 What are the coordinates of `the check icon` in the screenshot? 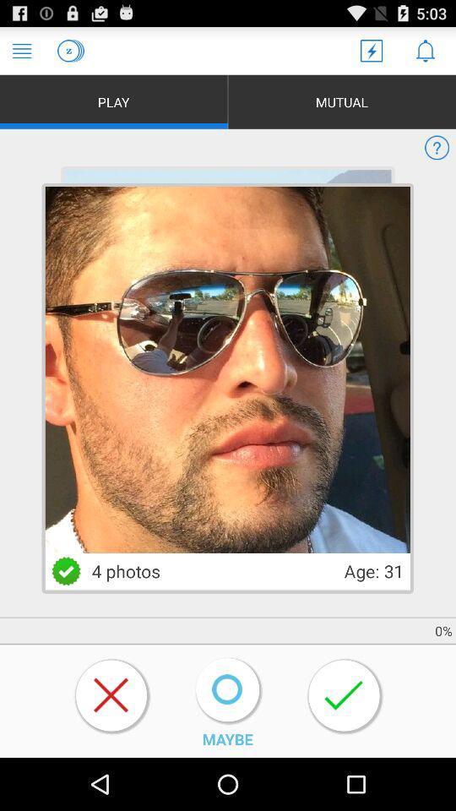 It's located at (65, 610).